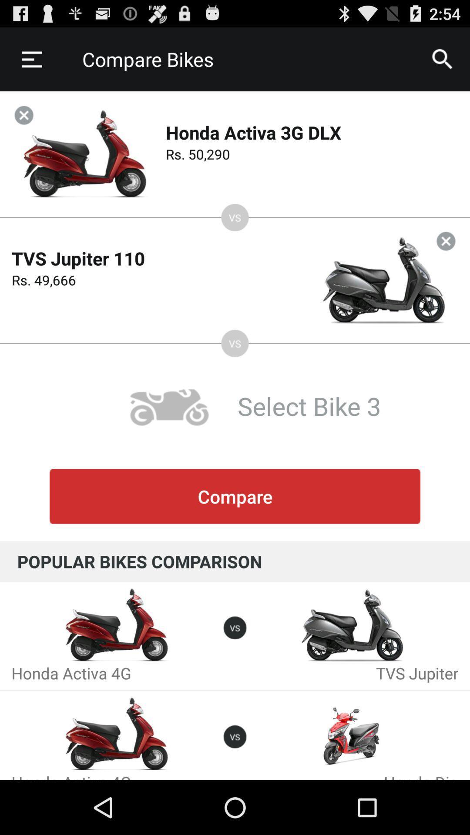  I want to click on the button is used to close the bike page and proceed with another one to be compared, so click(23, 115).